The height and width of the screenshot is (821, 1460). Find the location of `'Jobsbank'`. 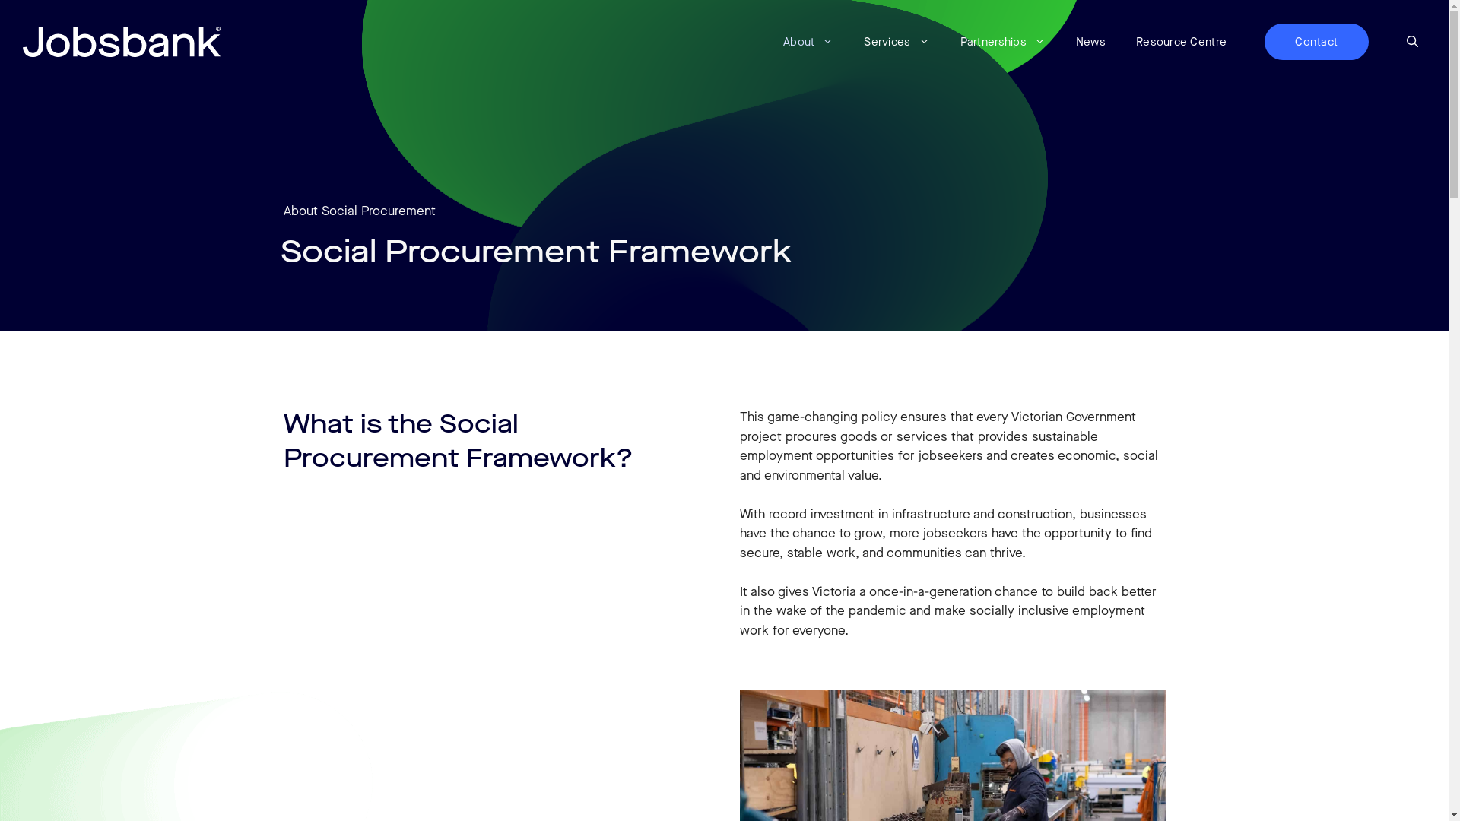

'Jobsbank' is located at coordinates (22, 40).